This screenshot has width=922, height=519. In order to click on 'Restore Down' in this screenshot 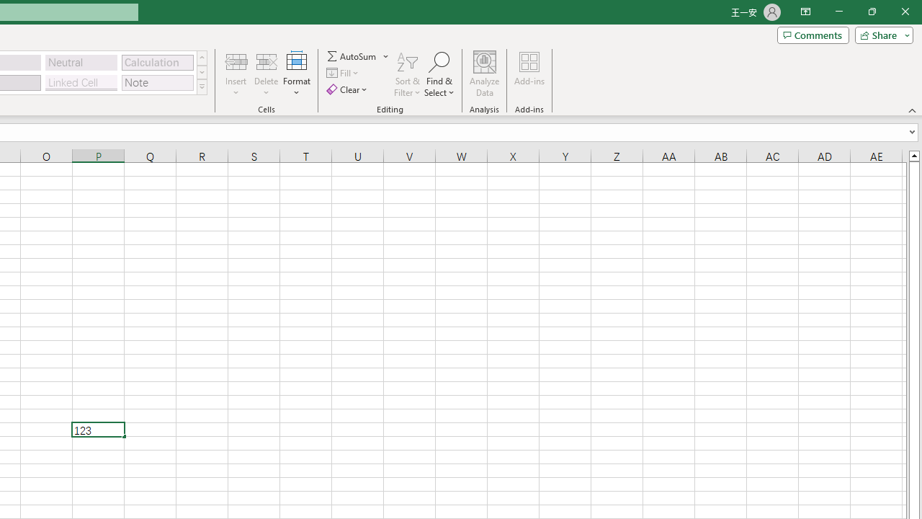, I will do `click(871, 12)`.